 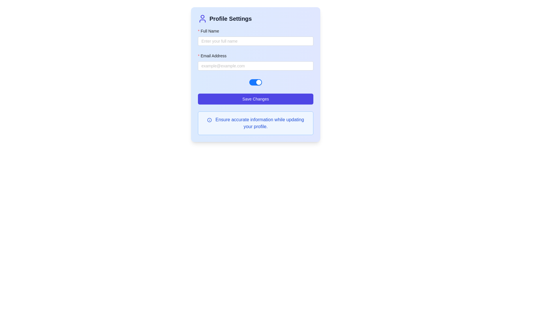 What do you see at coordinates (255, 65) in the screenshot?
I see `the text input field for entering an email address, located directly below the 'Email Address' label in the middle column of the form layout` at bounding box center [255, 65].